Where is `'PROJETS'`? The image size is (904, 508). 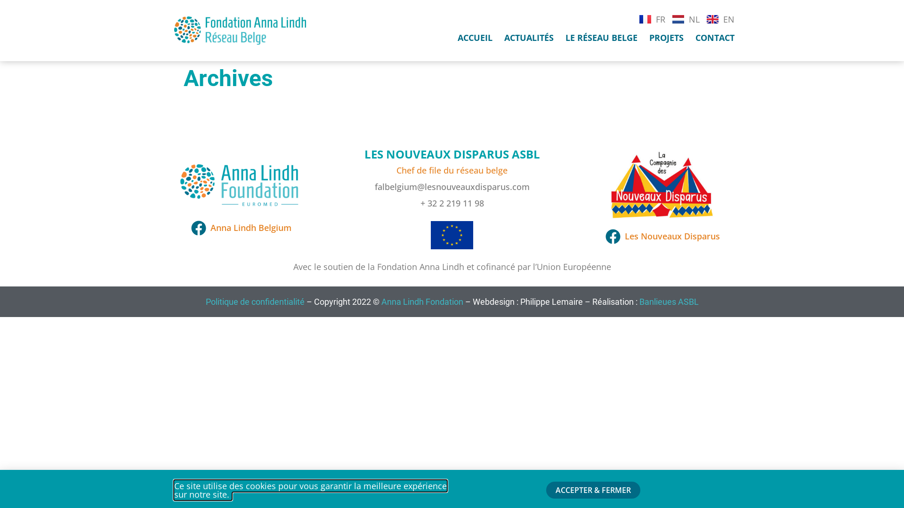 'PROJETS' is located at coordinates (666, 37).